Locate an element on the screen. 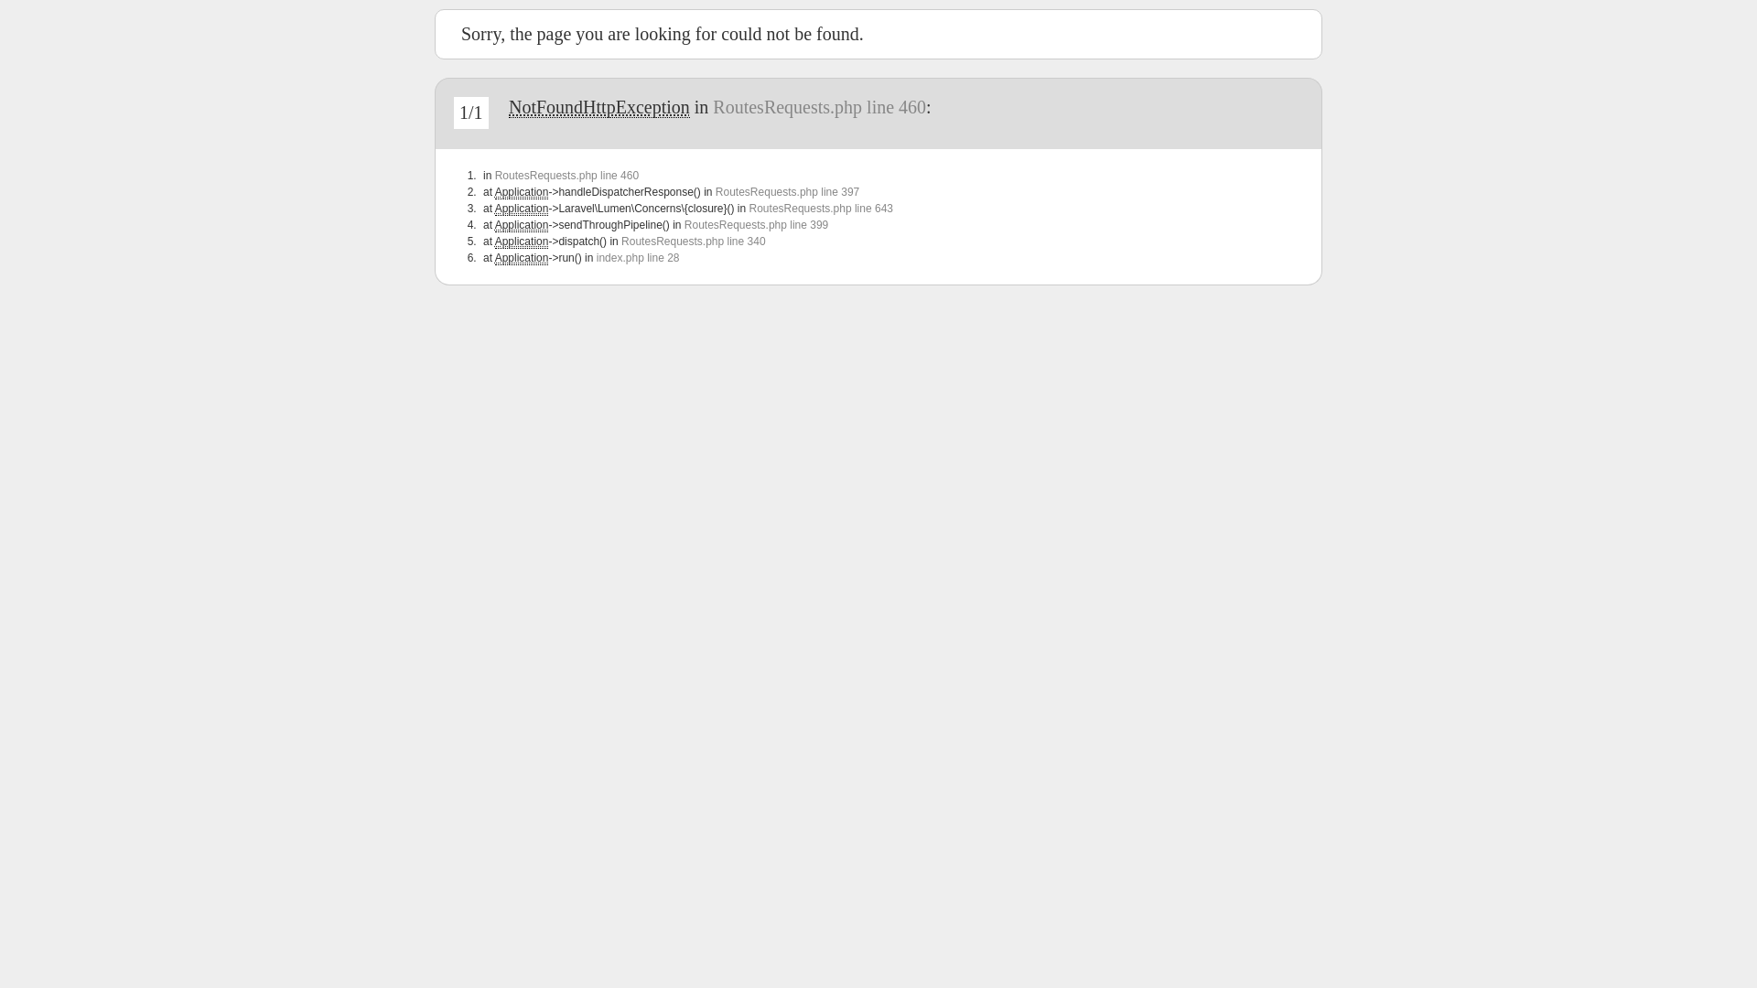 The image size is (1757, 988). 'RoutesRequests.php line 460' is located at coordinates (818, 106).